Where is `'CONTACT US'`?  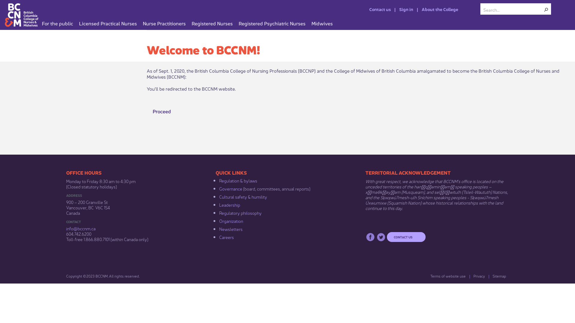 'CONTACT US' is located at coordinates (406, 237).